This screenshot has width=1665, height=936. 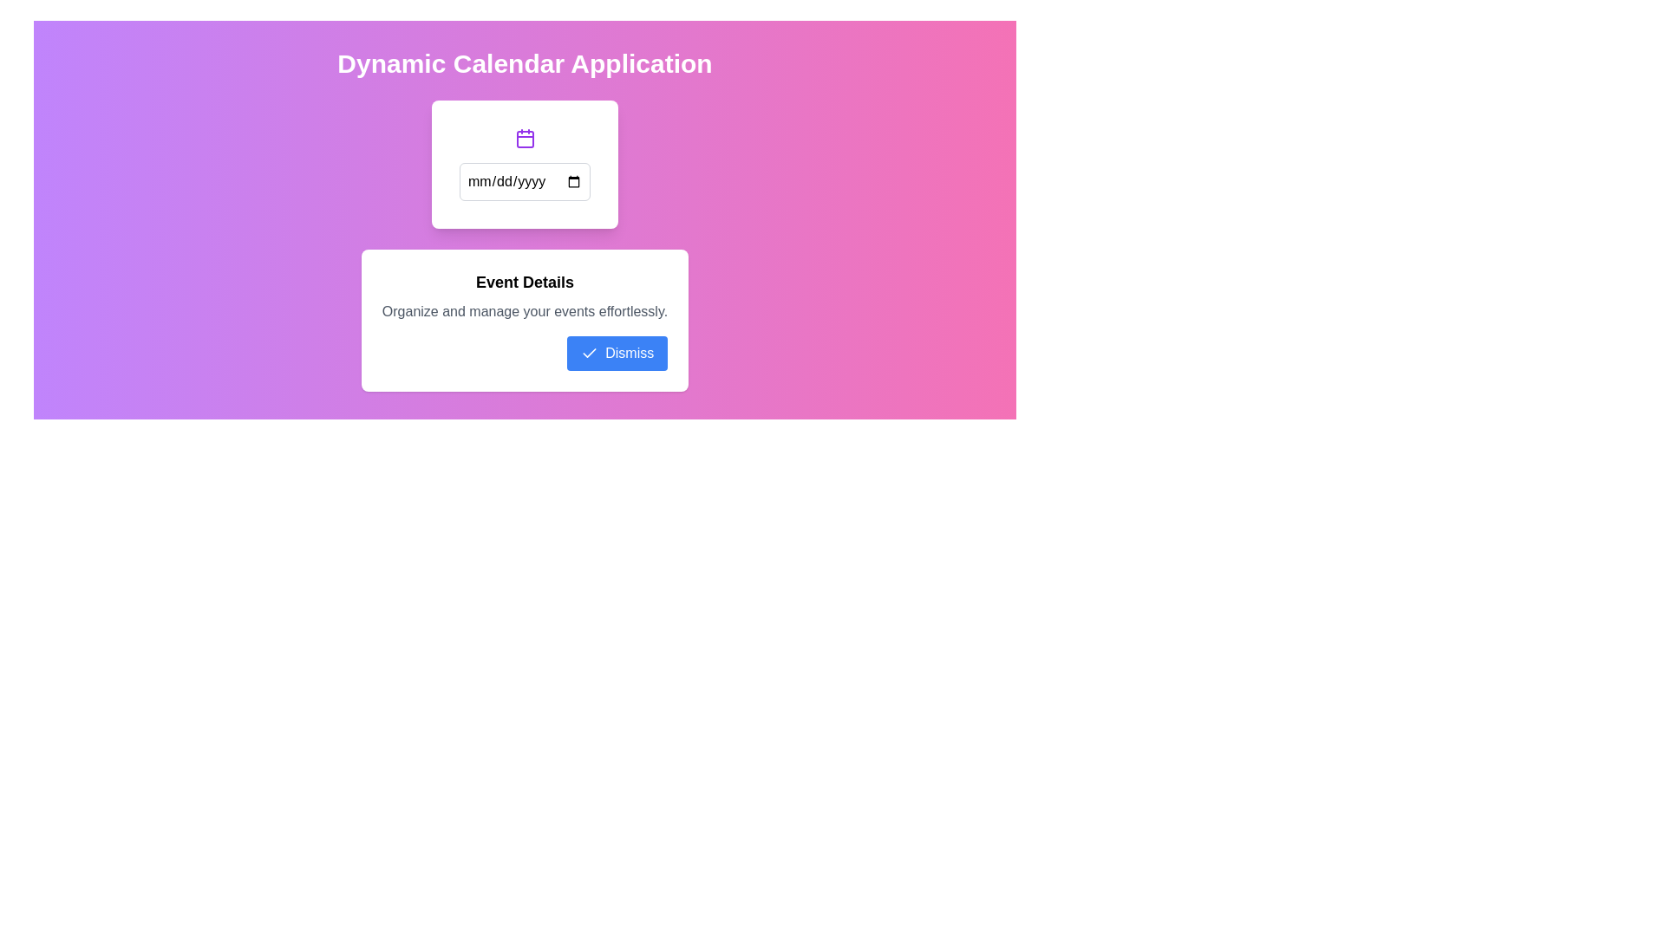 What do you see at coordinates (524, 310) in the screenshot?
I see `the text block displaying 'Organize and manage your events effortlessly.' which is located below the title 'Event Details' in a white rounded card` at bounding box center [524, 310].